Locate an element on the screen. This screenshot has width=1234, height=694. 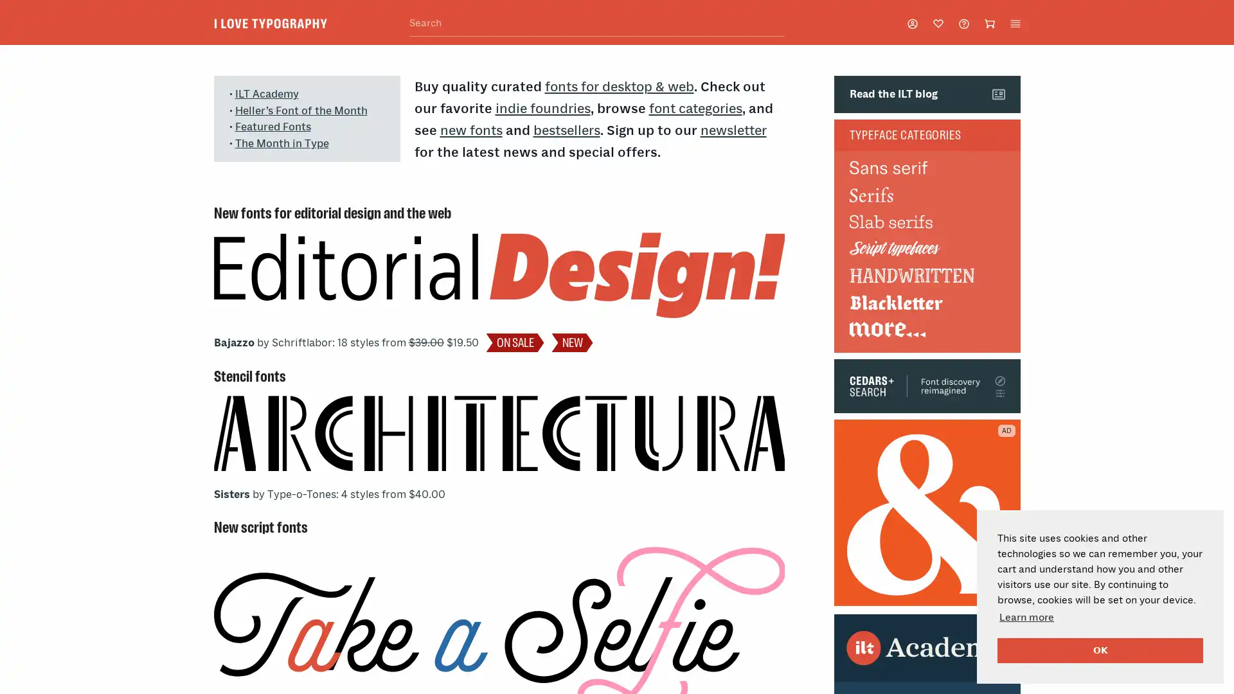
learn more about cookies is located at coordinates (1026, 616).